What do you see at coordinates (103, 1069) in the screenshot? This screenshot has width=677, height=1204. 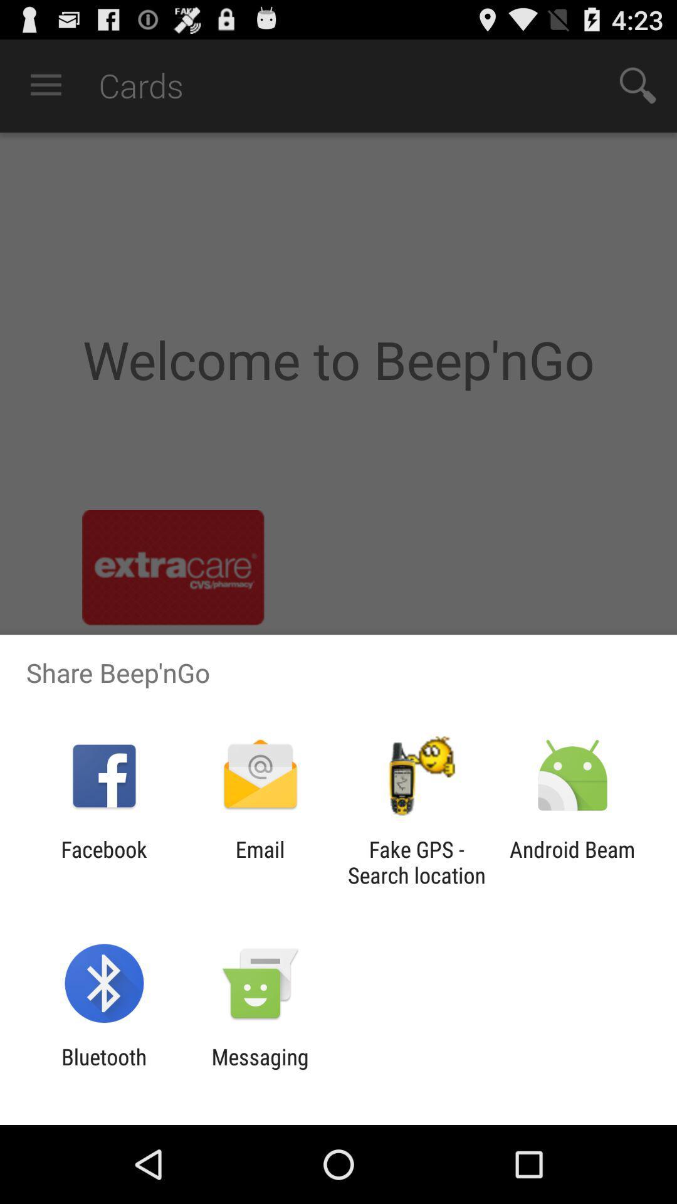 I see `the bluetooth` at bounding box center [103, 1069].